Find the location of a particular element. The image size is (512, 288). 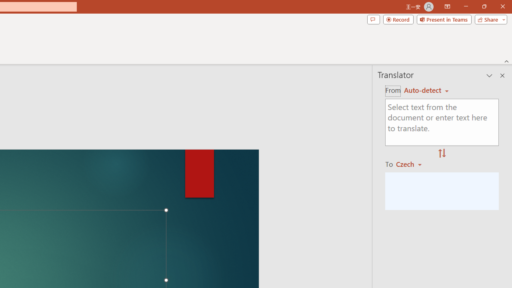

'Share' is located at coordinates (489, 19).